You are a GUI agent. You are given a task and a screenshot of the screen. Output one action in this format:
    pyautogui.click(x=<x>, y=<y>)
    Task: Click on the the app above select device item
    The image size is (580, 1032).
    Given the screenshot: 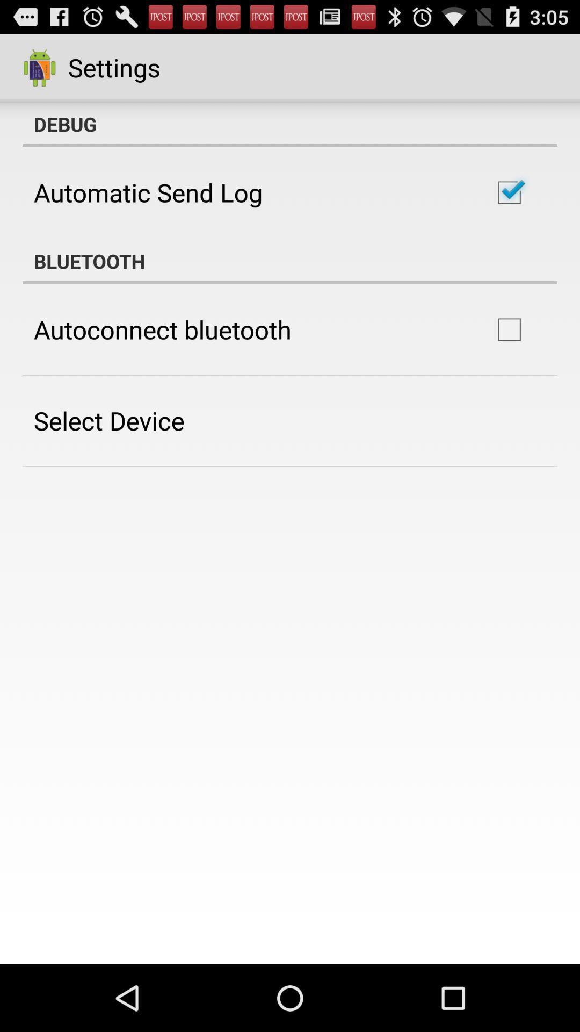 What is the action you would take?
    pyautogui.click(x=163, y=329)
    